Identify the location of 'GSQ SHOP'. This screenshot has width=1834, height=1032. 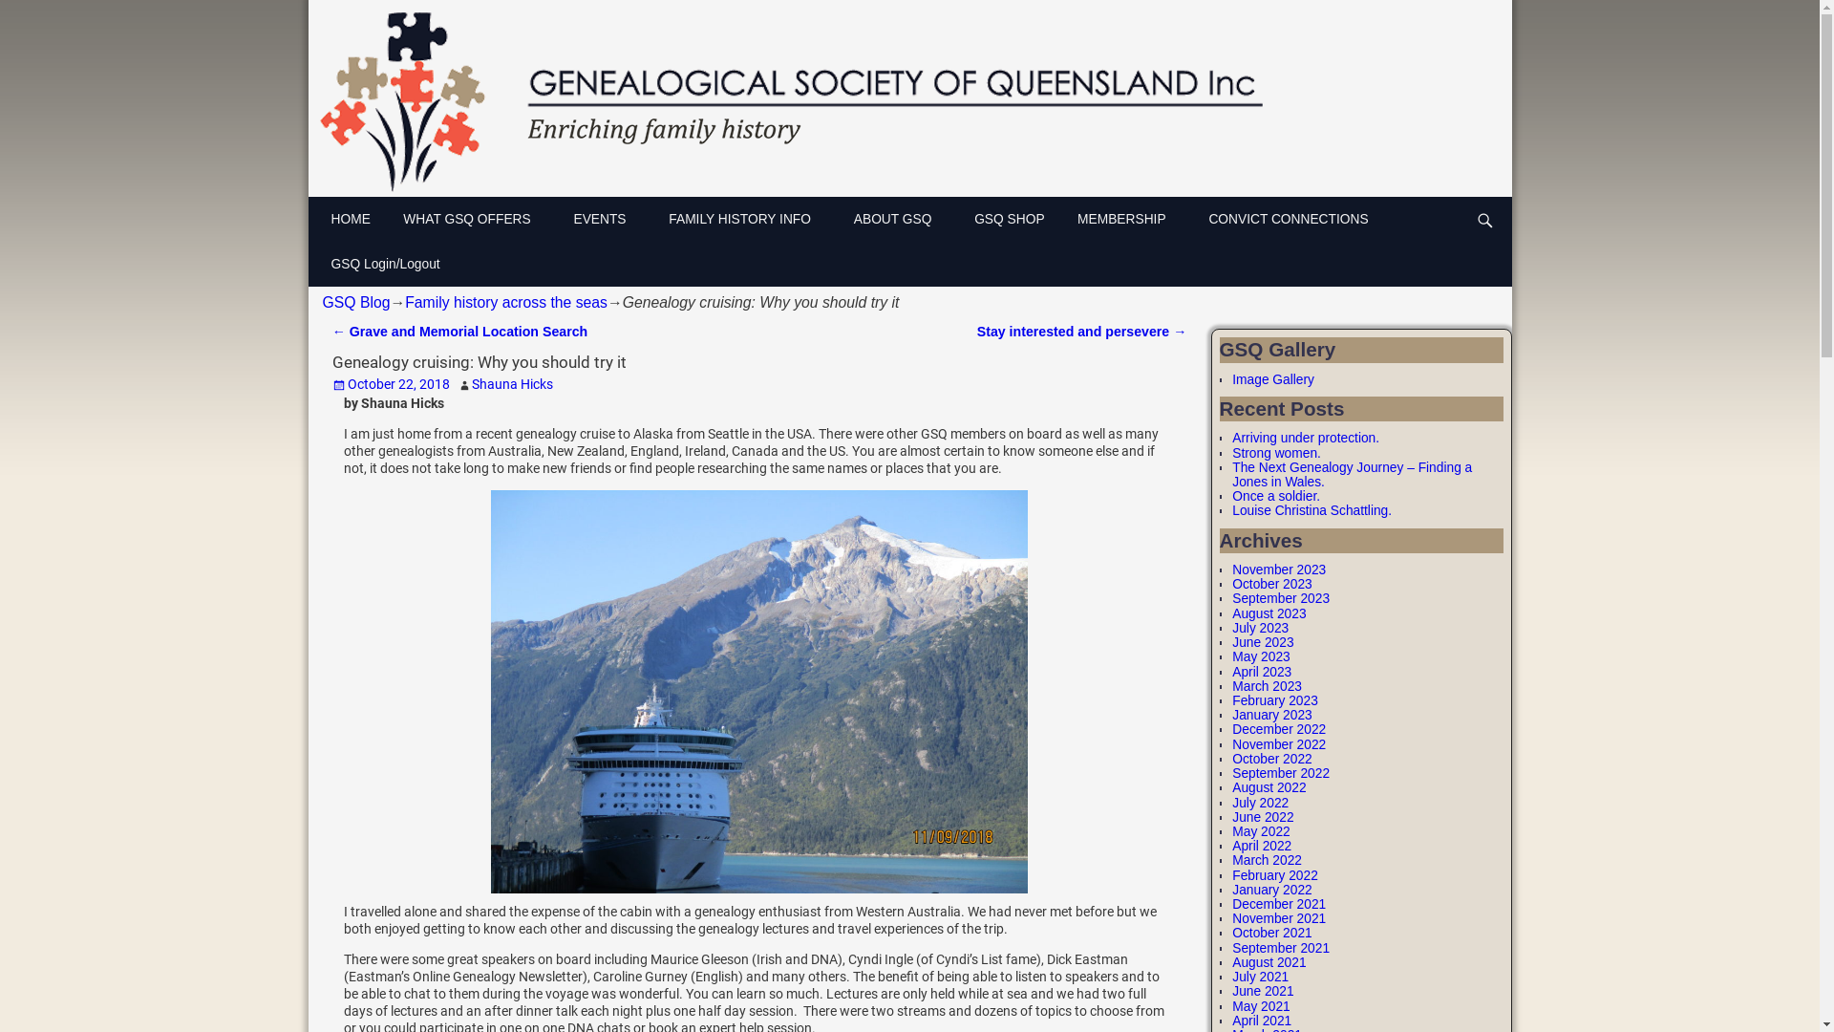
(1015, 218).